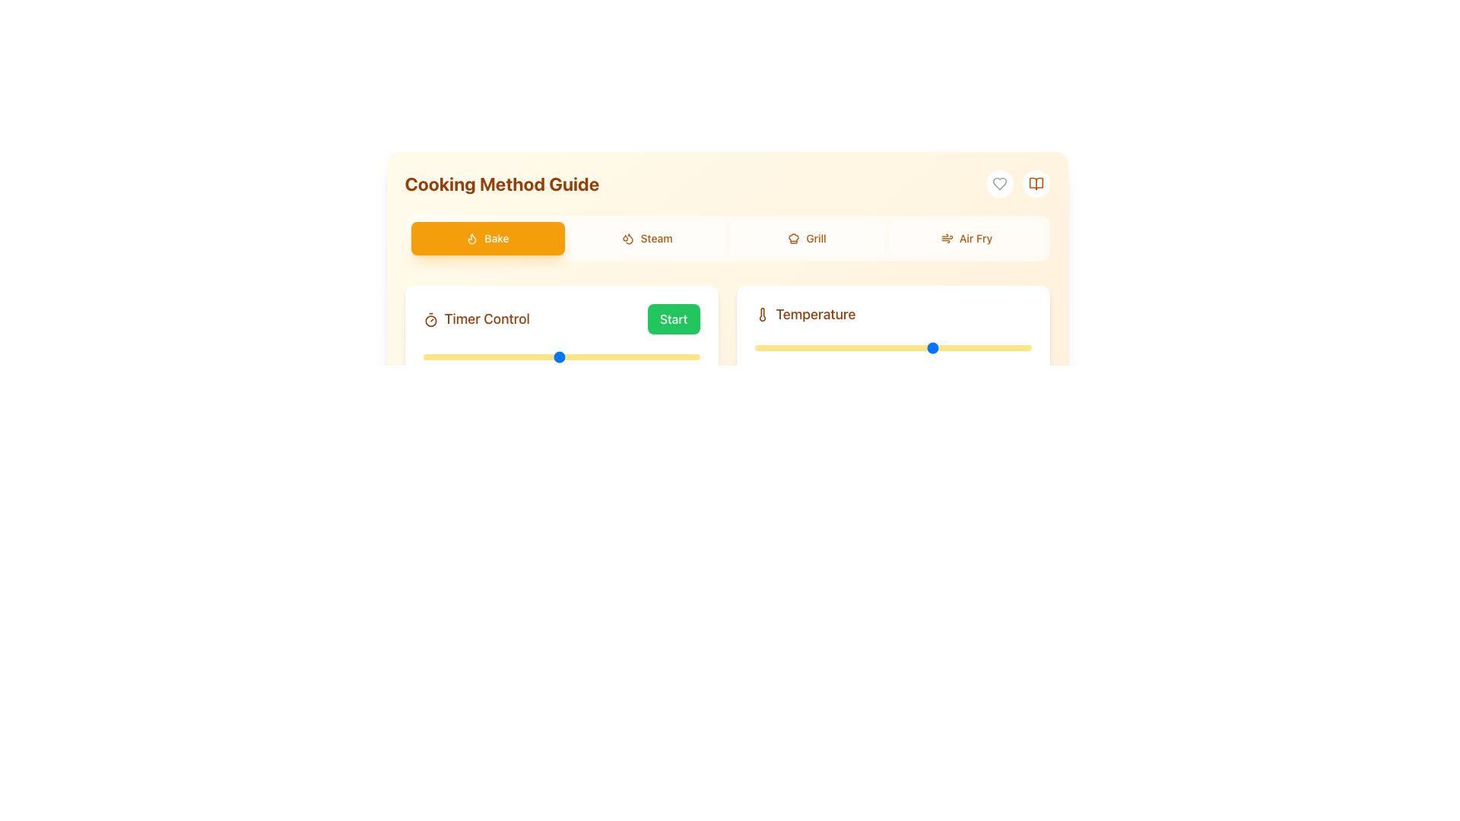 The width and height of the screenshot is (1460, 821). What do you see at coordinates (526, 357) in the screenshot?
I see `timer` at bounding box center [526, 357].